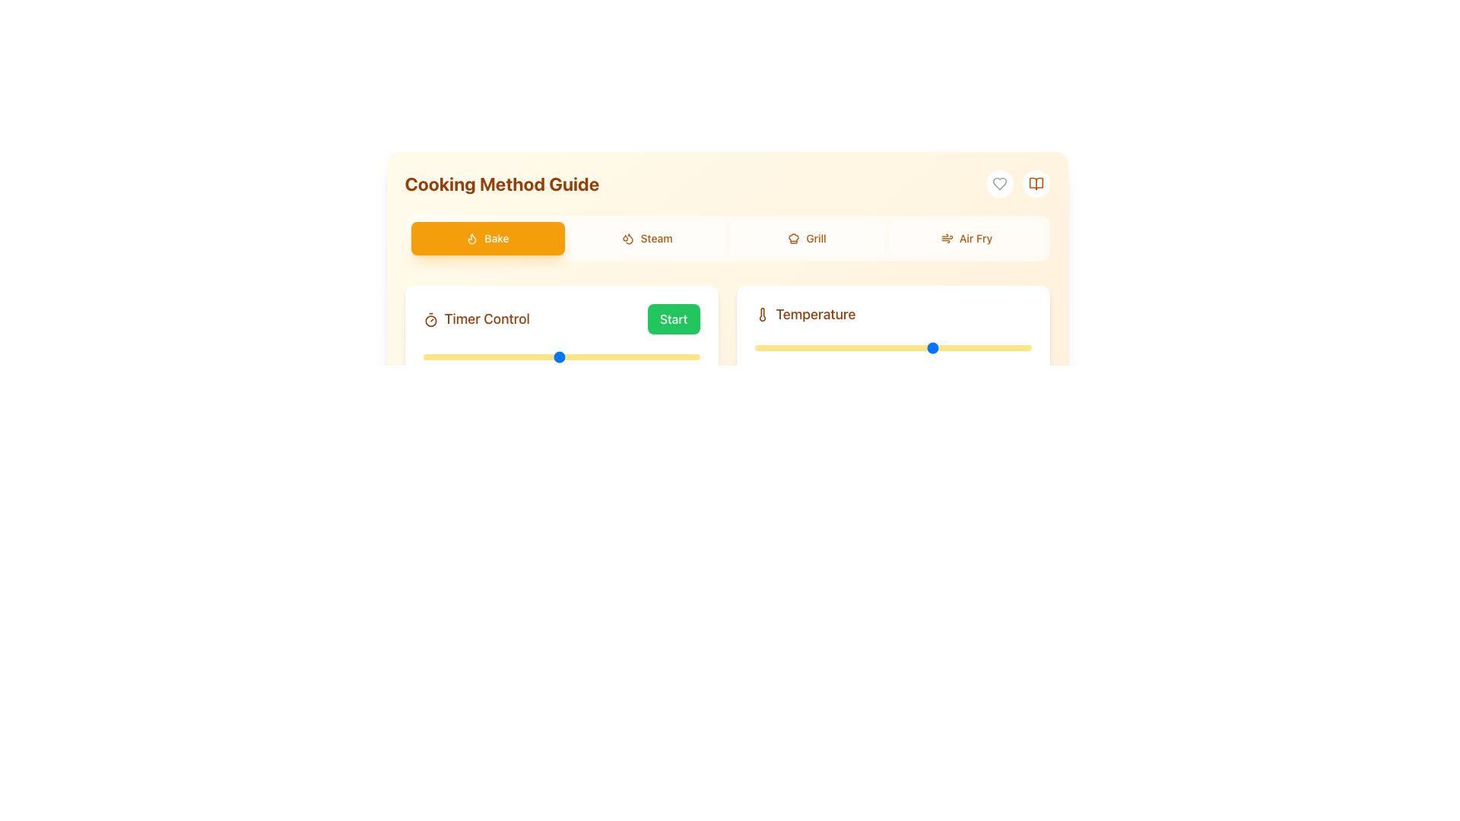 The width and height of the screenshot is (1460, 821). What do you see at coordinates (526, 357) in the screenshot?
I see `timer` at bounding box center [526, 357].